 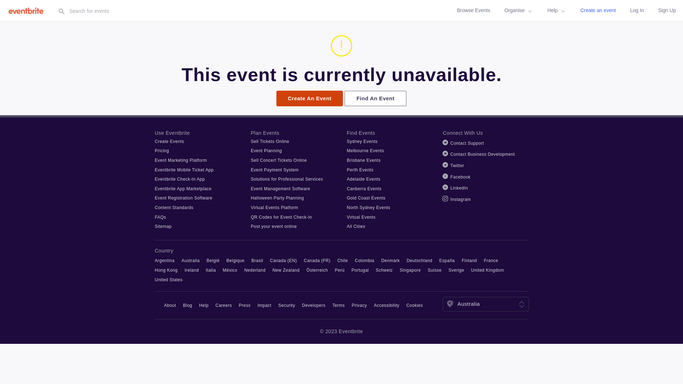 I want to click on 'Blog', so click(x=187, y=305).